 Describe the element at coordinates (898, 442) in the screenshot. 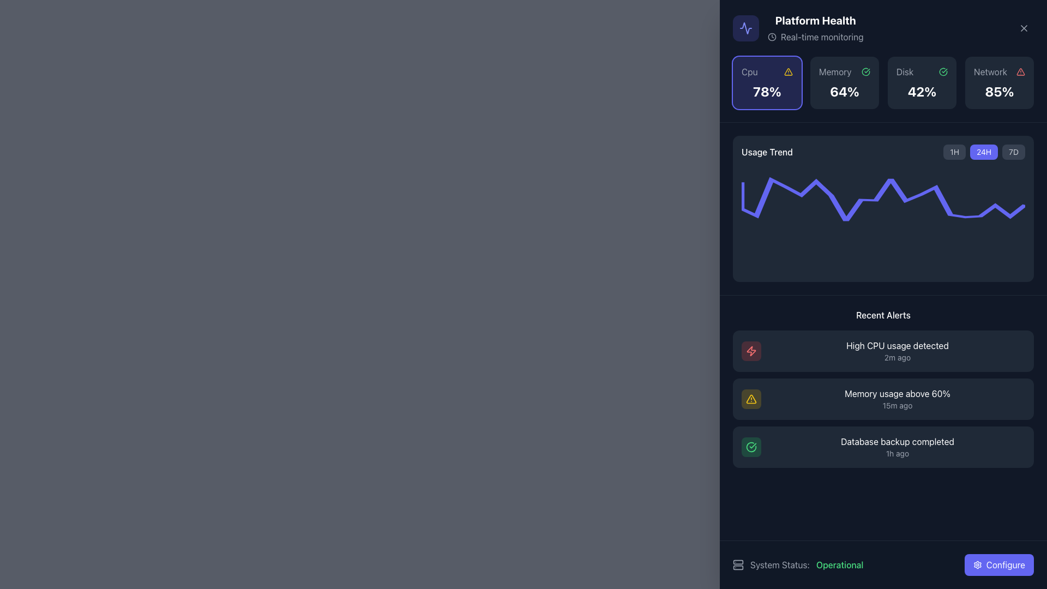

I see `text of the notification label that says 'Database backup completed' located in the 'Recent Alerts' section, above the subtext '1h ago' and next to a green checkmark icon` at that location.